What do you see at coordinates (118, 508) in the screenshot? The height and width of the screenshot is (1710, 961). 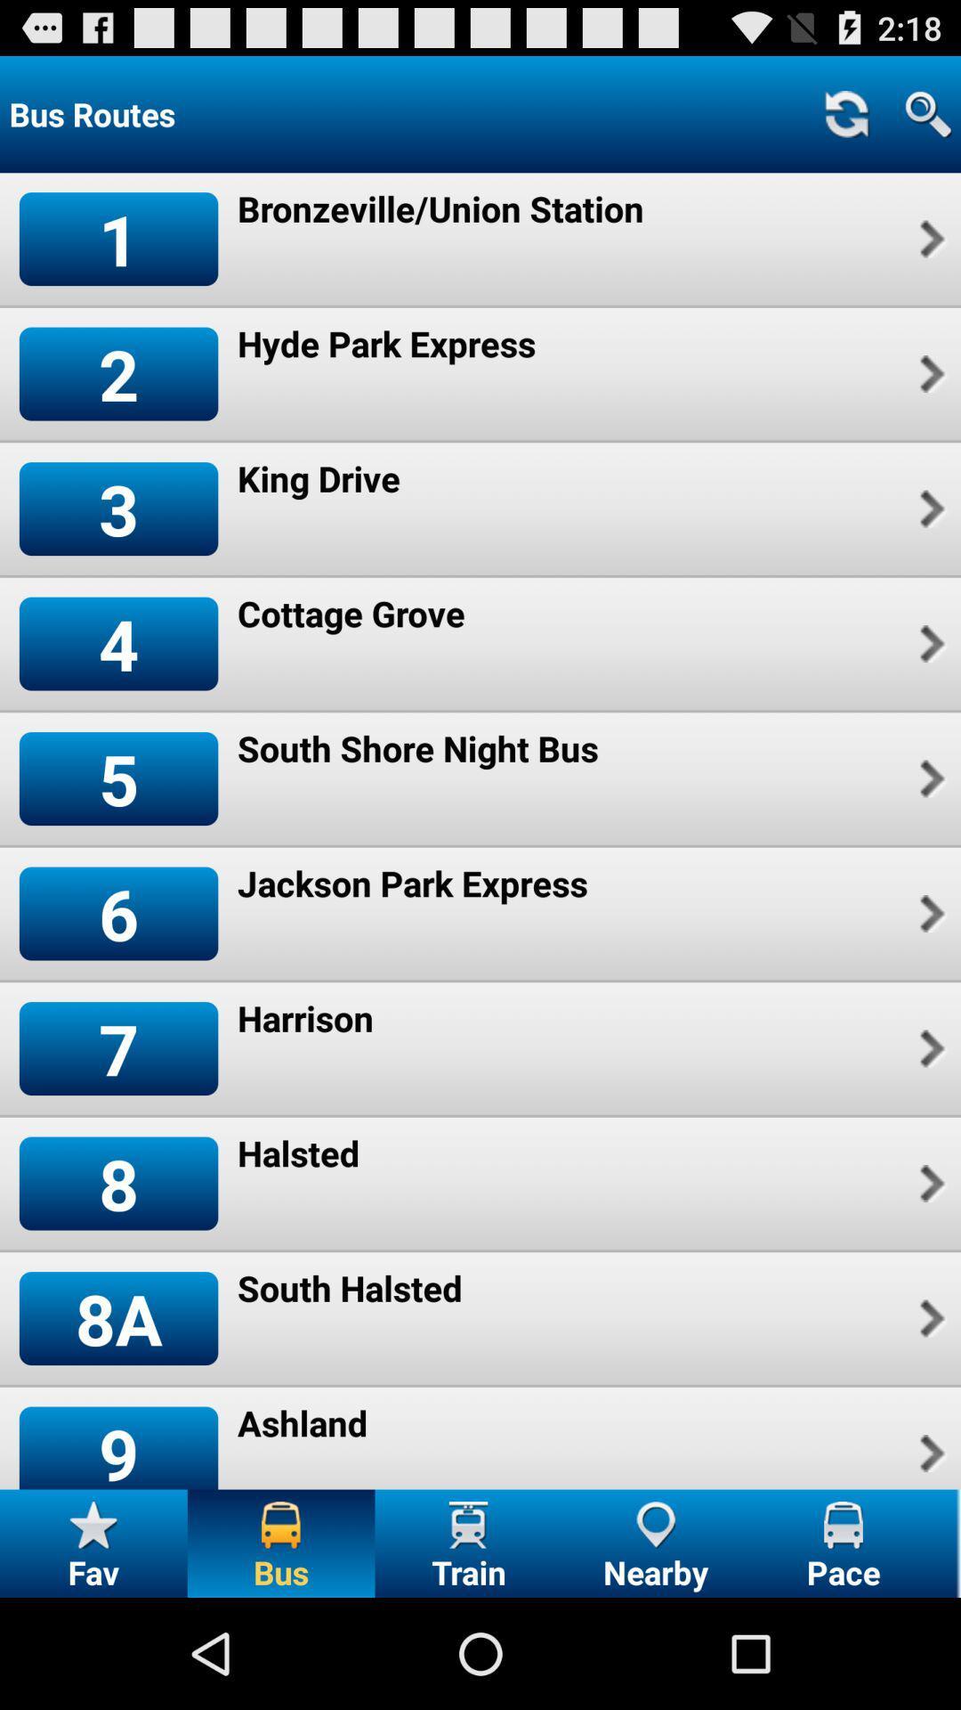 I see `icon above 4 icon` at bounding box center [118, 508].